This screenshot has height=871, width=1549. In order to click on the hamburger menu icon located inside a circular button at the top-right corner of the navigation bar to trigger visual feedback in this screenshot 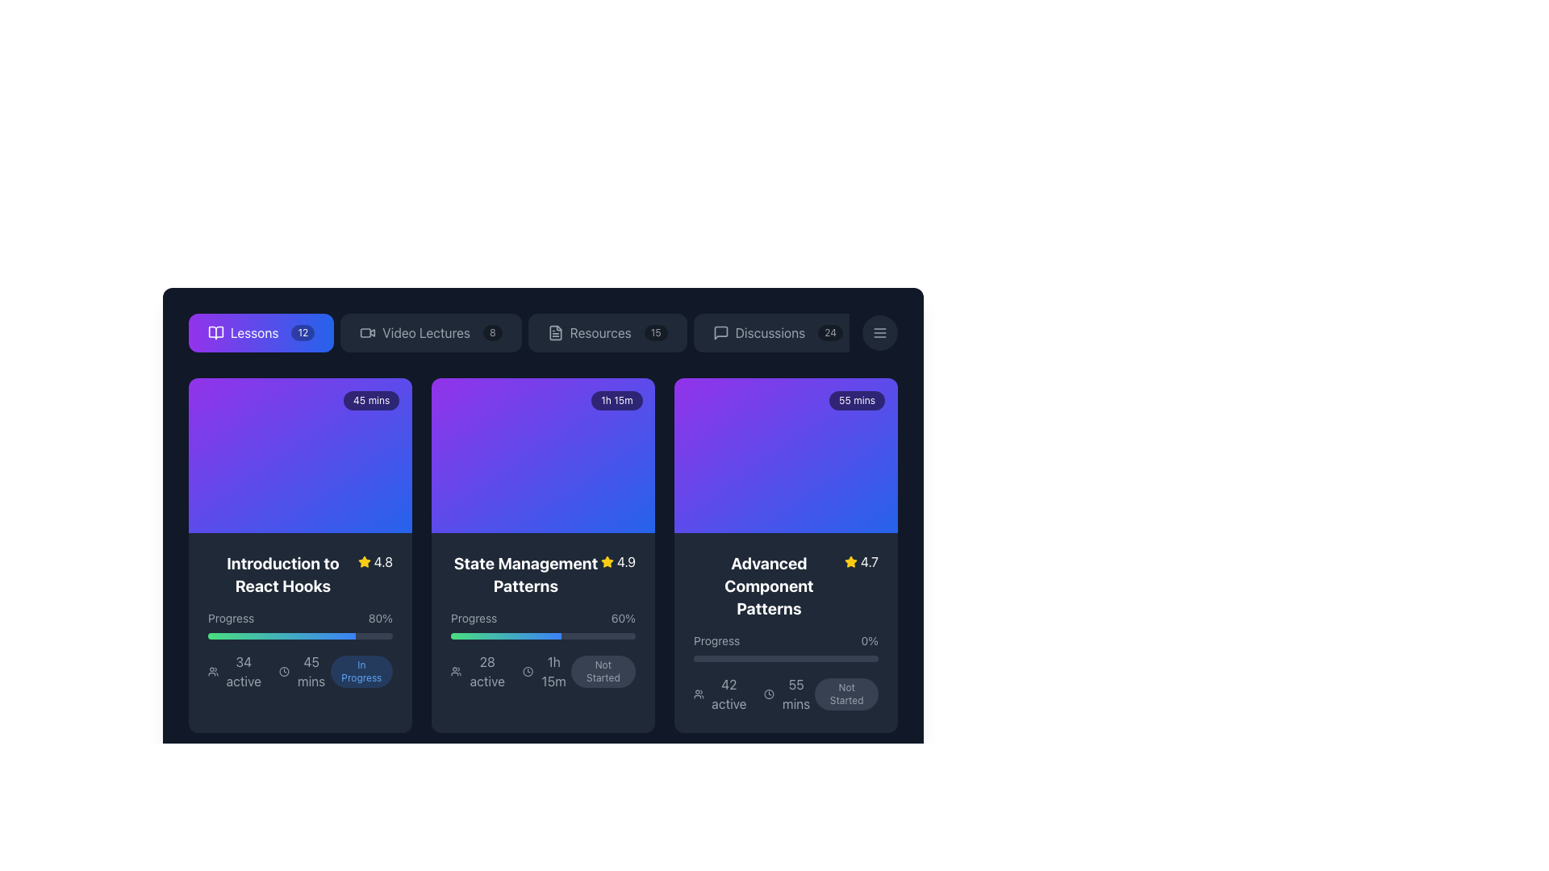, I will do `click(879, 331)`.